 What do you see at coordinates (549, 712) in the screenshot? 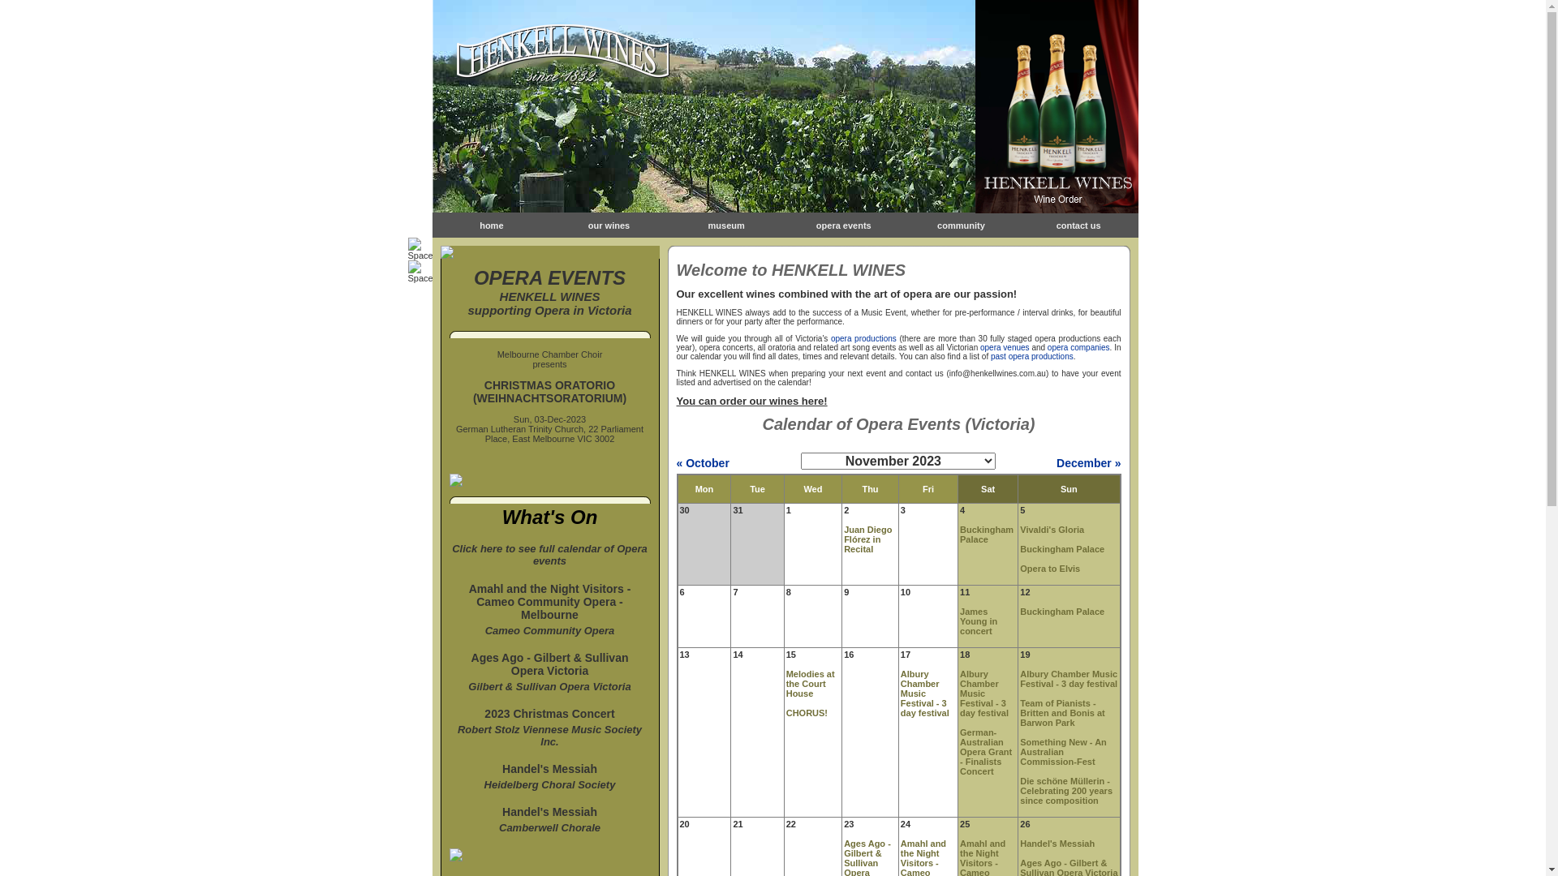
I see `'2023 Christmas Concert'` at bounding box center [549, 712].